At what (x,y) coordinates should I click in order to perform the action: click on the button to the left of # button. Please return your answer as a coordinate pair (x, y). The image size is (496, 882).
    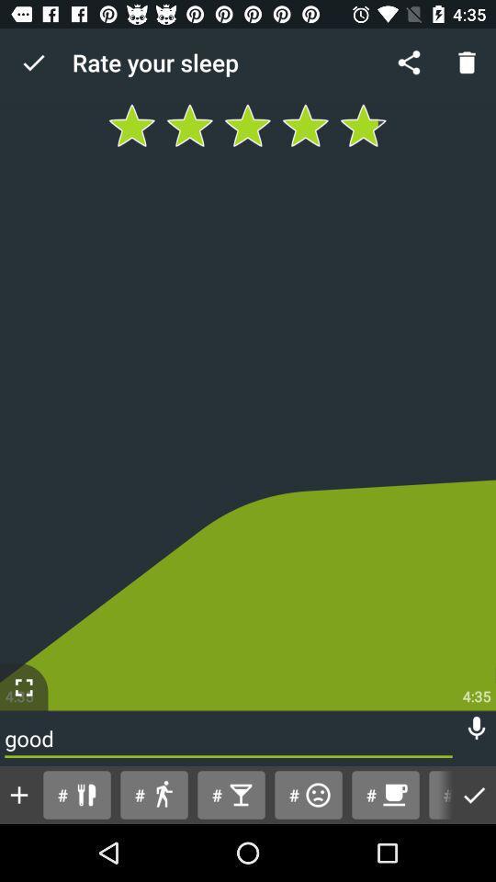
    Looking at the image, I should click on (385, 794).